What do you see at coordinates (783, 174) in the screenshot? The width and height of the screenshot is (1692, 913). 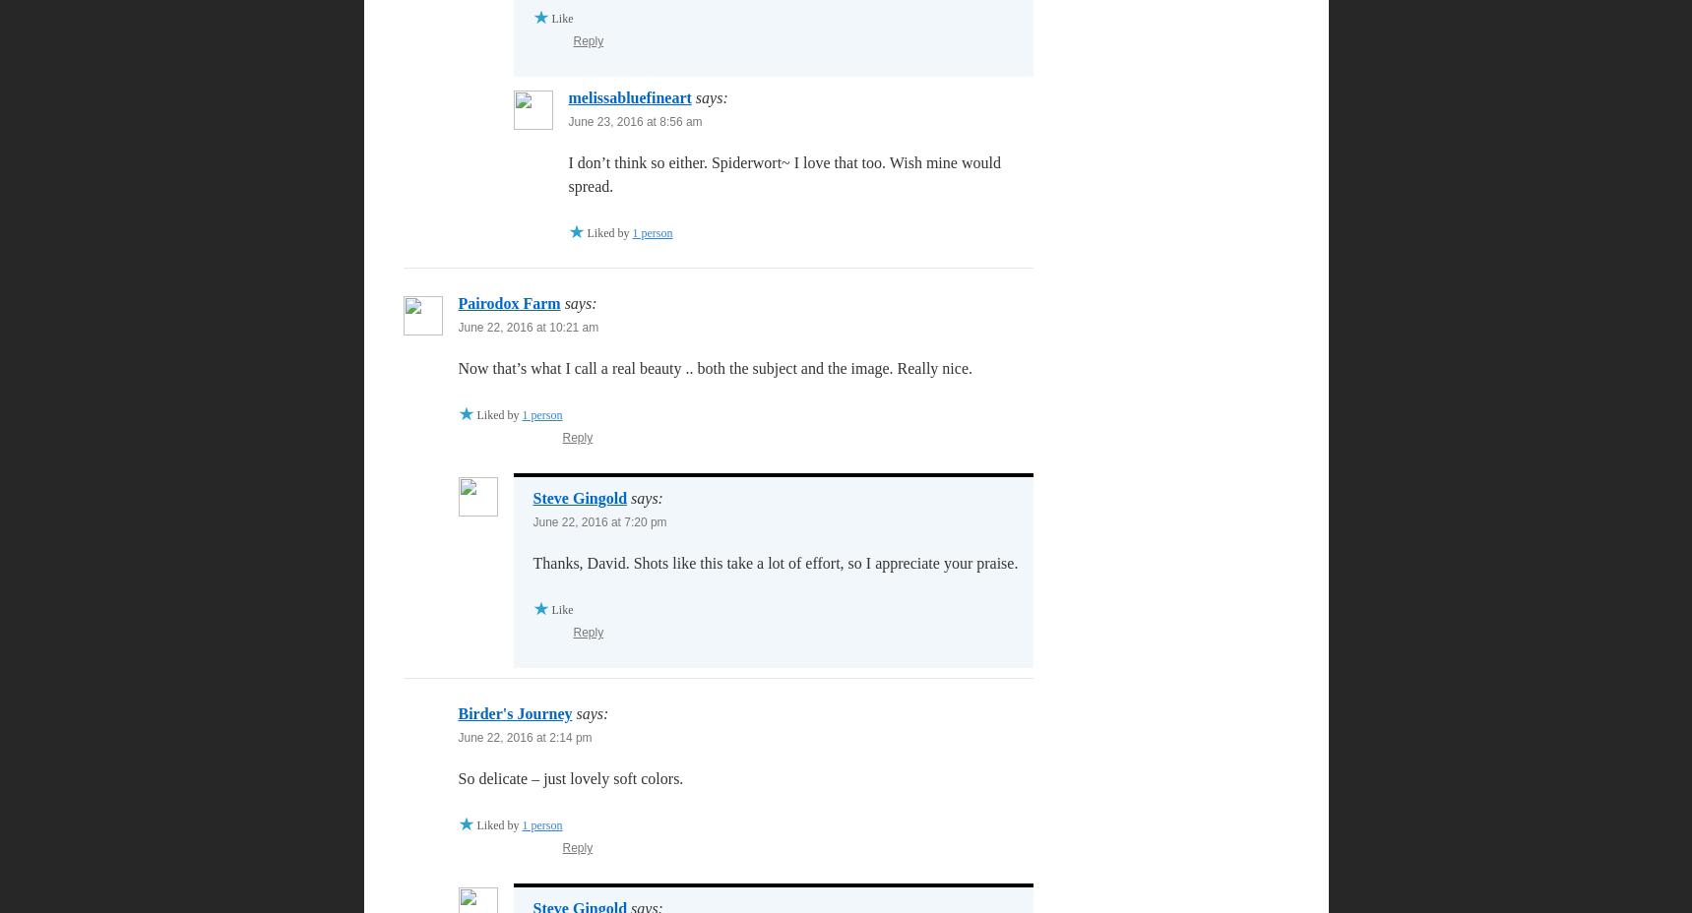 I see `'I don’t think so either. Spiderwort~ I love that too. Wish mine would spread.'` at bounding box center [783, 174].